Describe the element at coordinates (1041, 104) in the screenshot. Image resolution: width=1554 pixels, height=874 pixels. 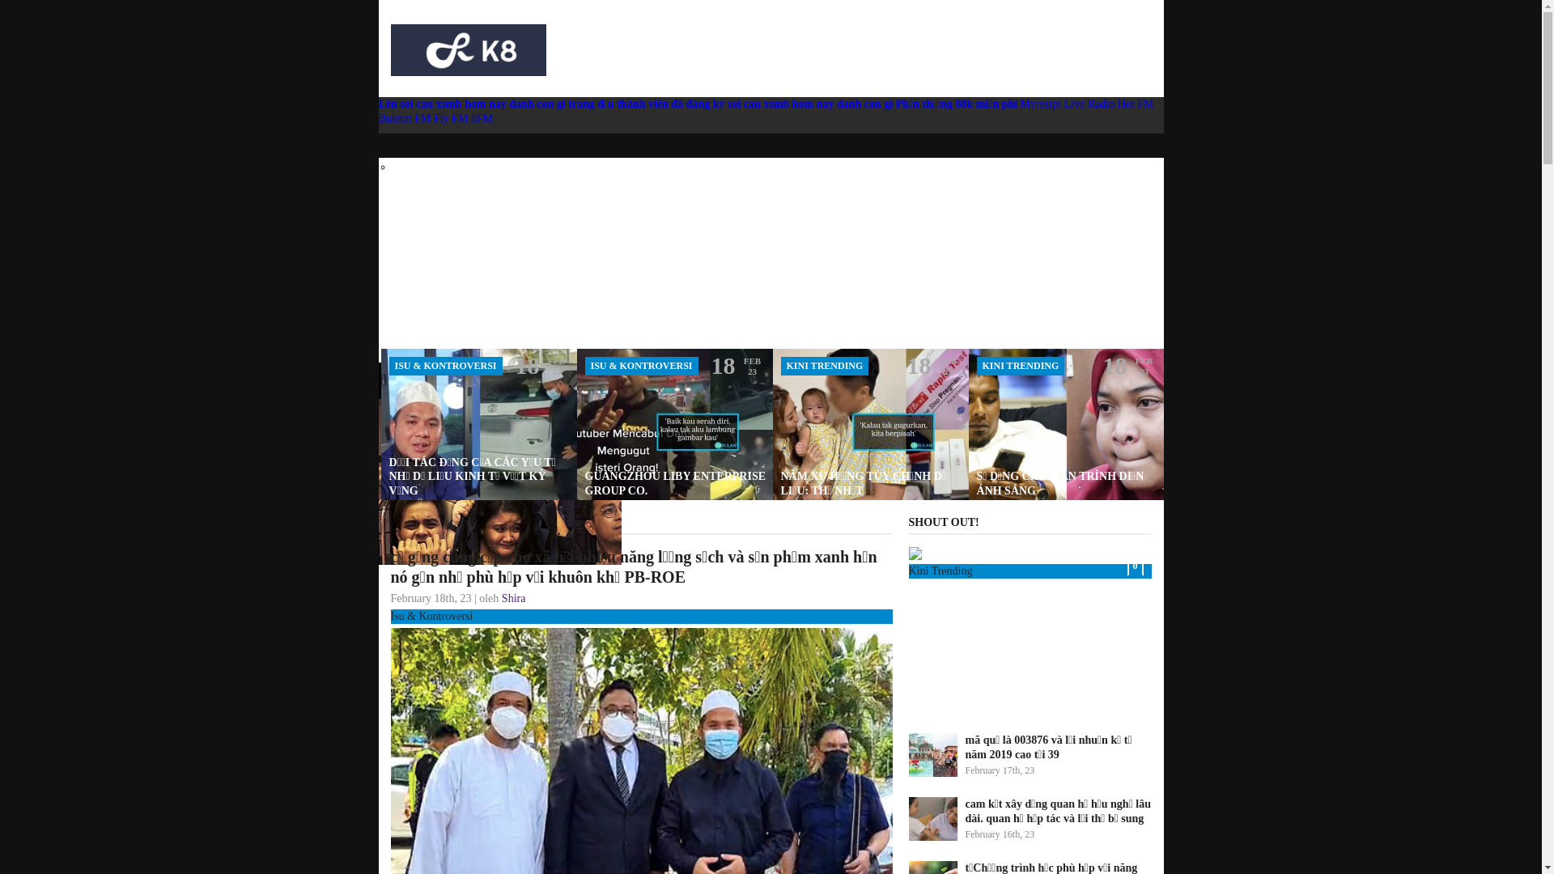
I see `'Myresipi'` at that location.